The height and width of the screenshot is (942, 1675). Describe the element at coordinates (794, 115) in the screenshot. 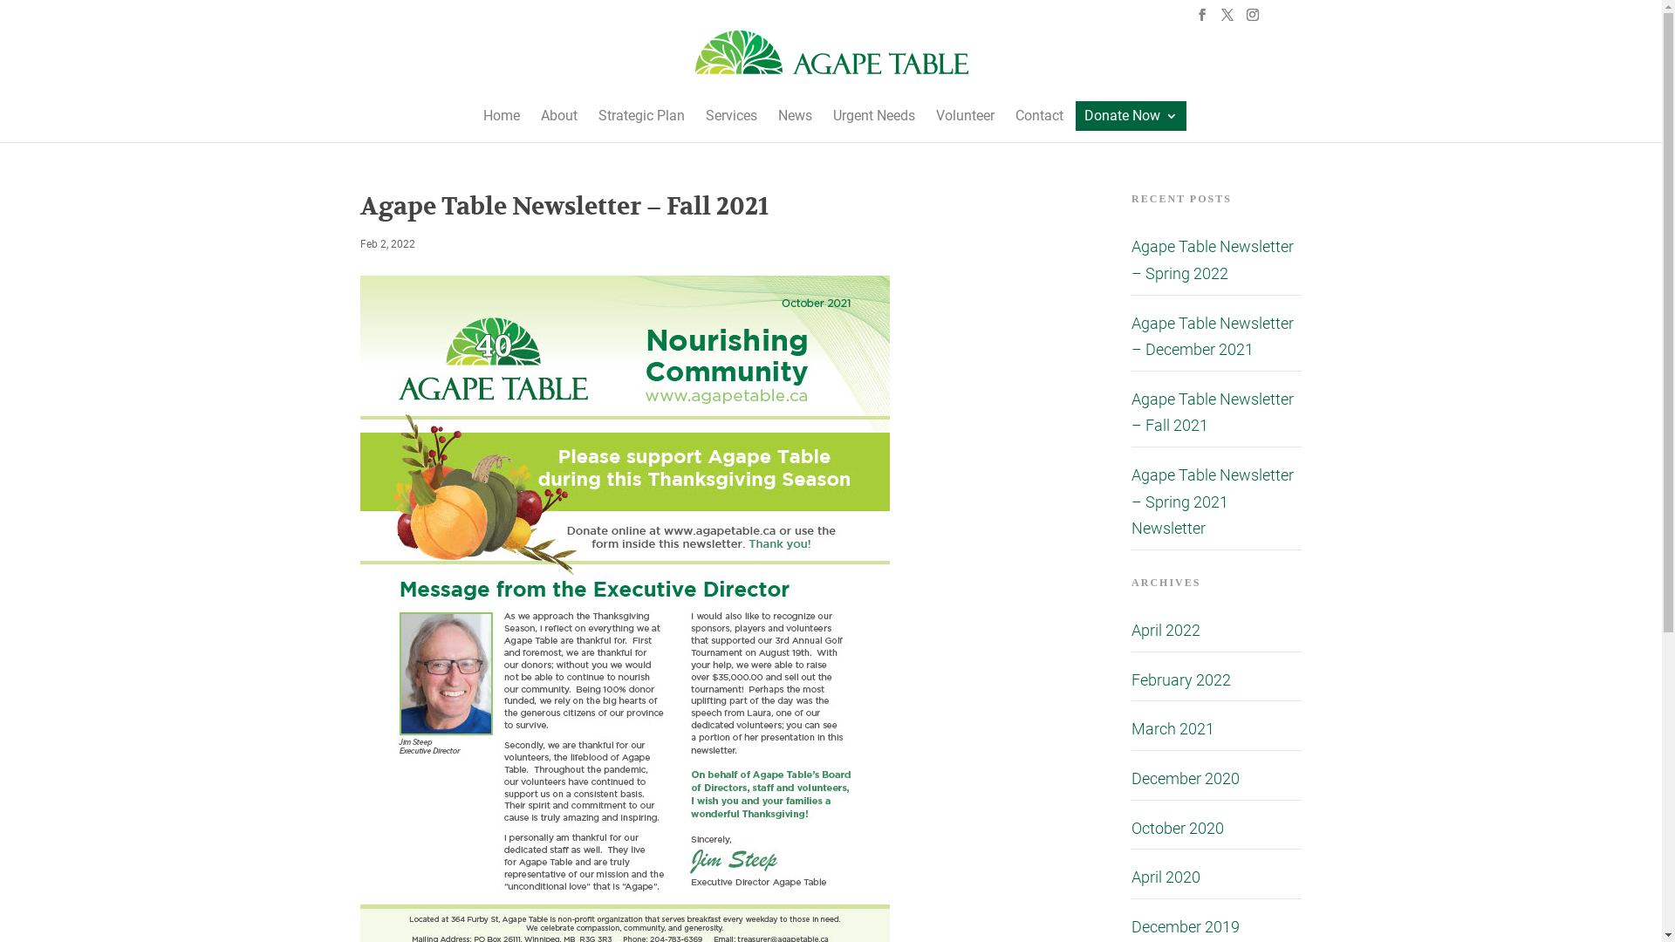

I see `'News'` at that location.